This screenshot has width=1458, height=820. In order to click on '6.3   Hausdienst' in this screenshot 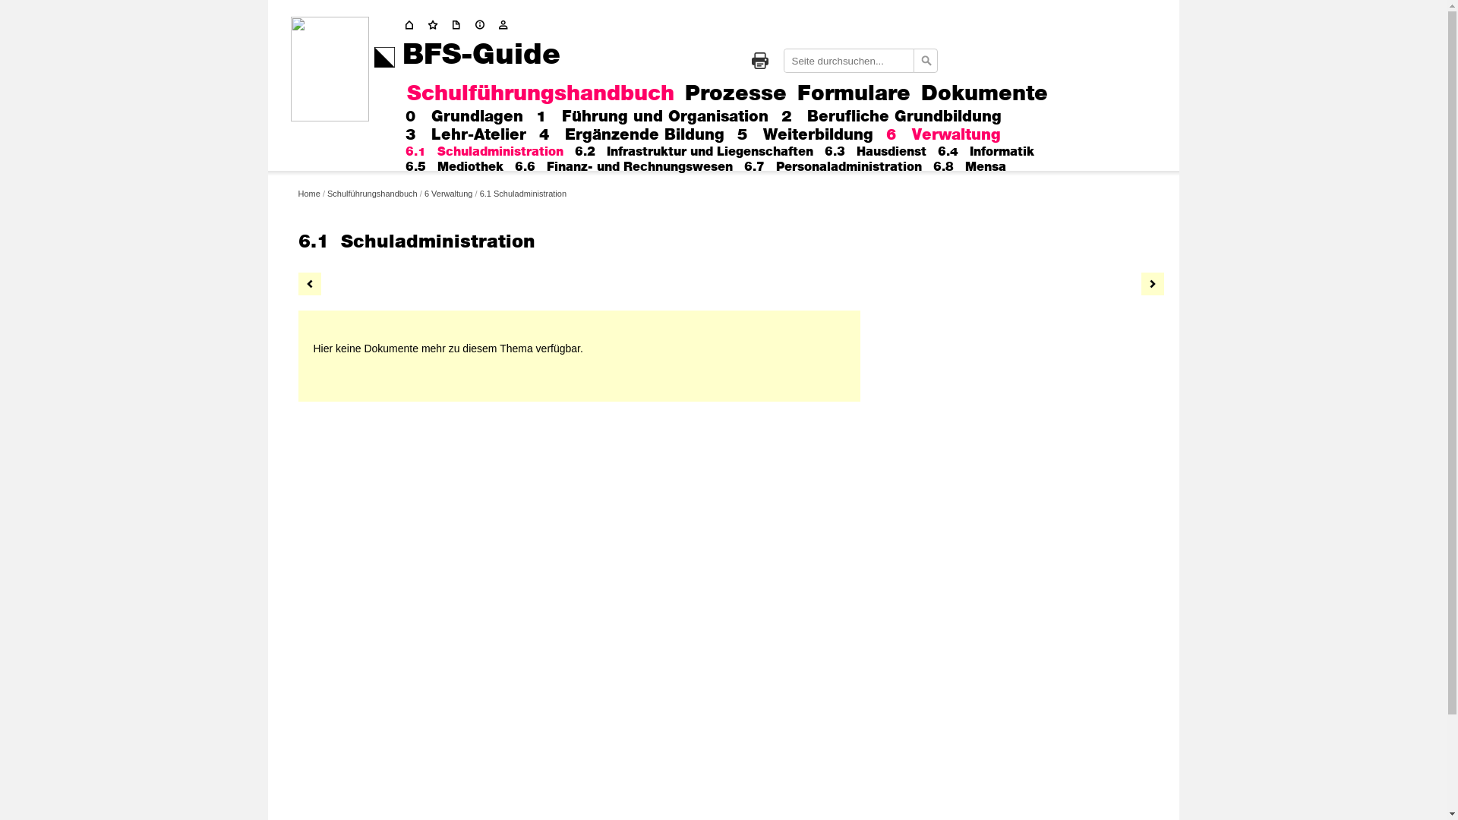, I will do `click(875, 152)`.